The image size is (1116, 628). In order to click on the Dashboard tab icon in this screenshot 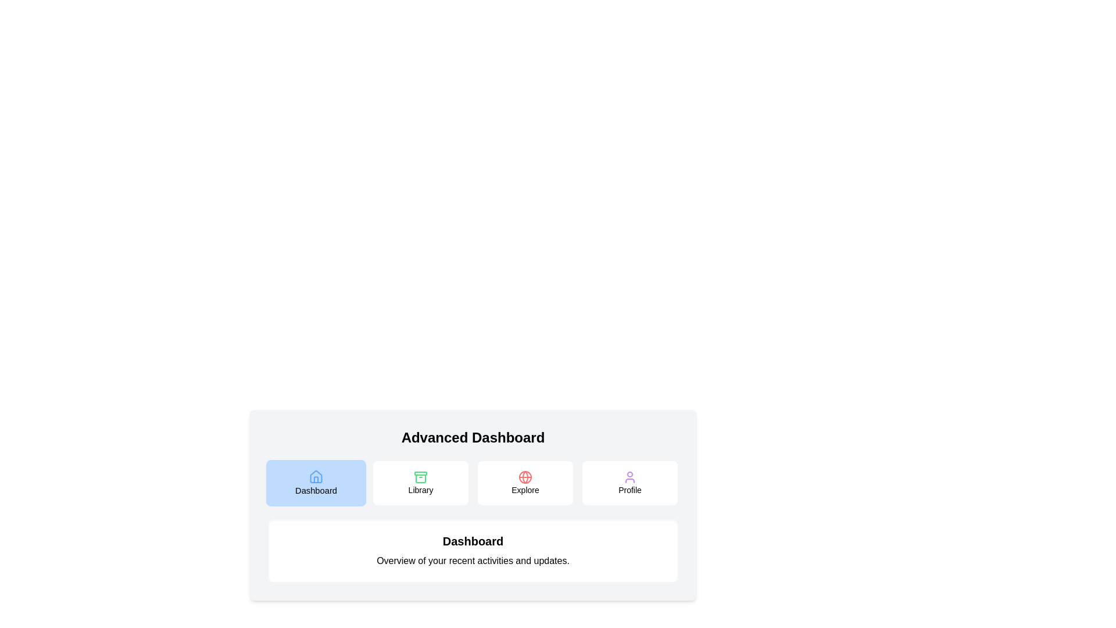, I will do `click(316, 483)`.